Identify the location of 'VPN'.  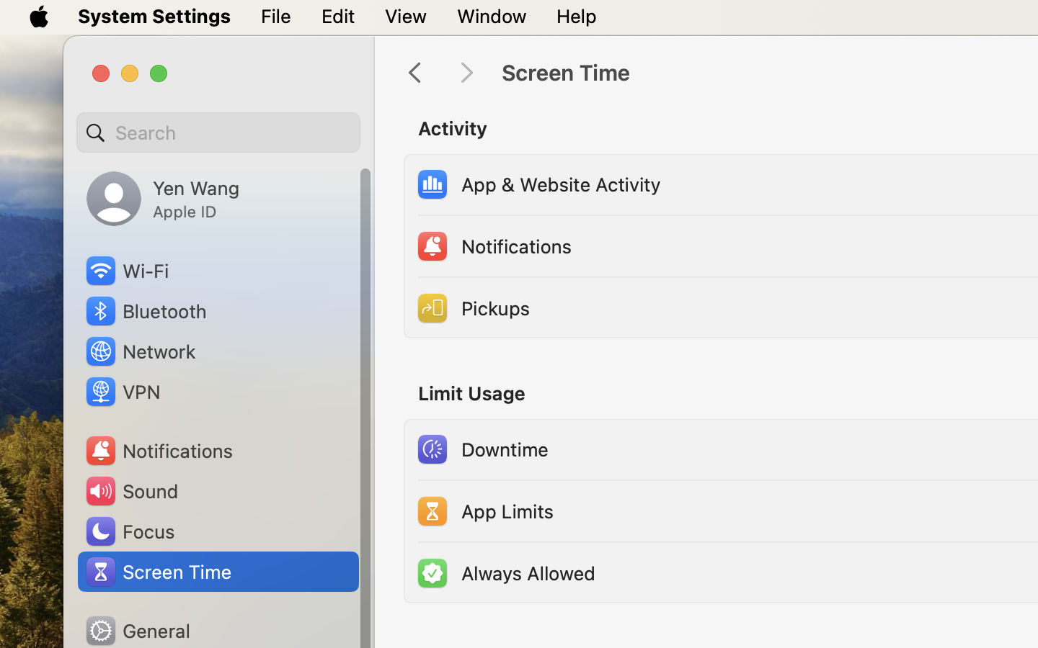
(121, 390).